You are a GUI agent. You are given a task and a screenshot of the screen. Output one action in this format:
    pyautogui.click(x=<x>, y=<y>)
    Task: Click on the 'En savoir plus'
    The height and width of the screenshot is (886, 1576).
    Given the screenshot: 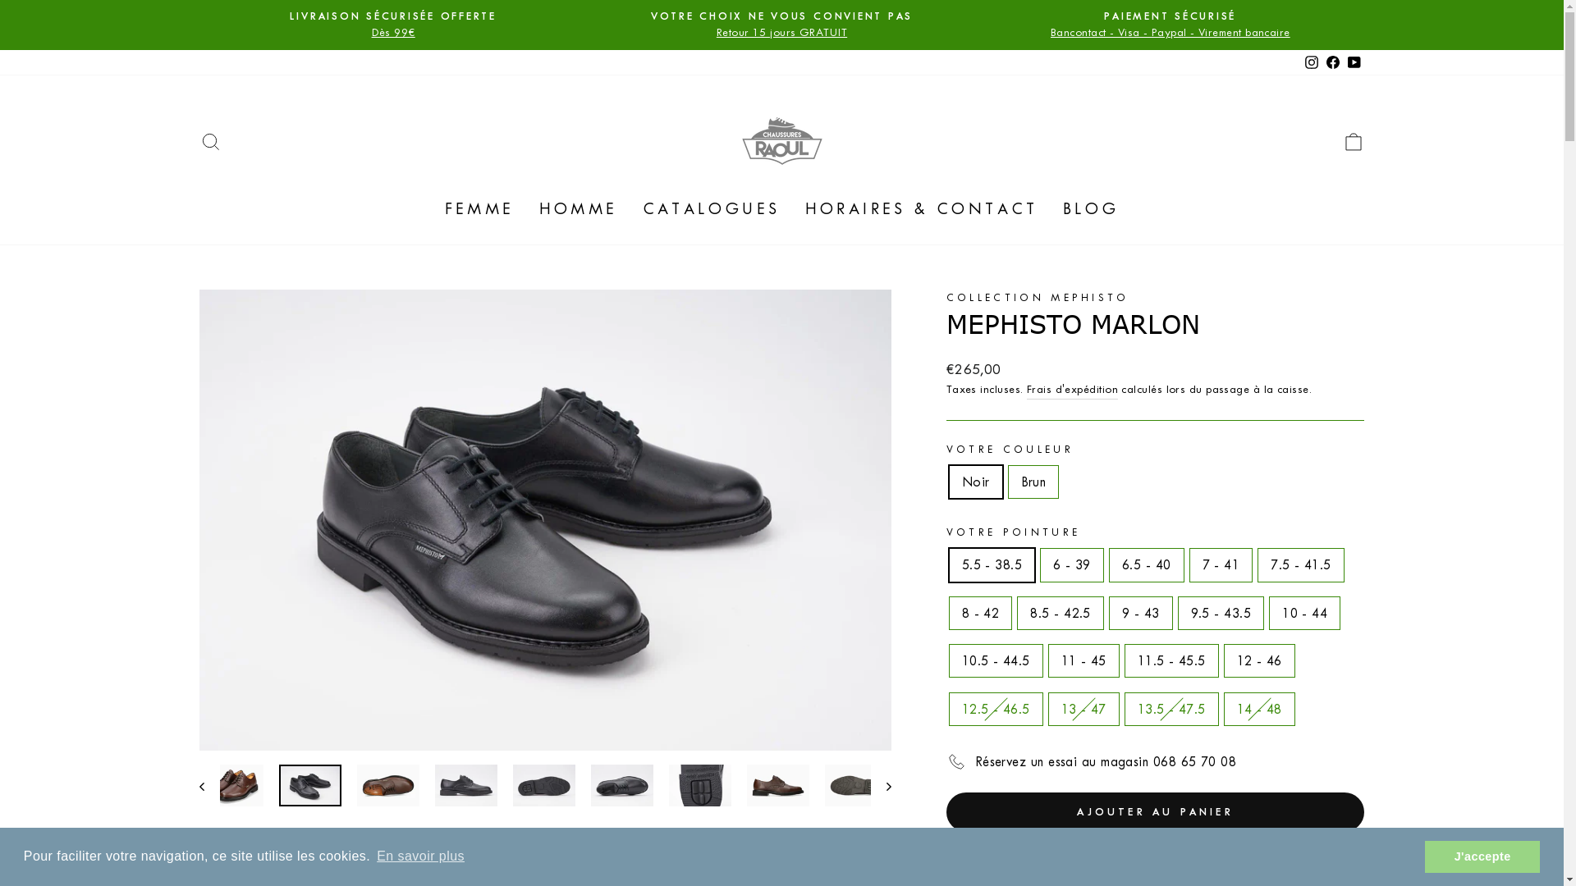 What is the action you would take?
    pyautogui.click(x=420, y=856)
    